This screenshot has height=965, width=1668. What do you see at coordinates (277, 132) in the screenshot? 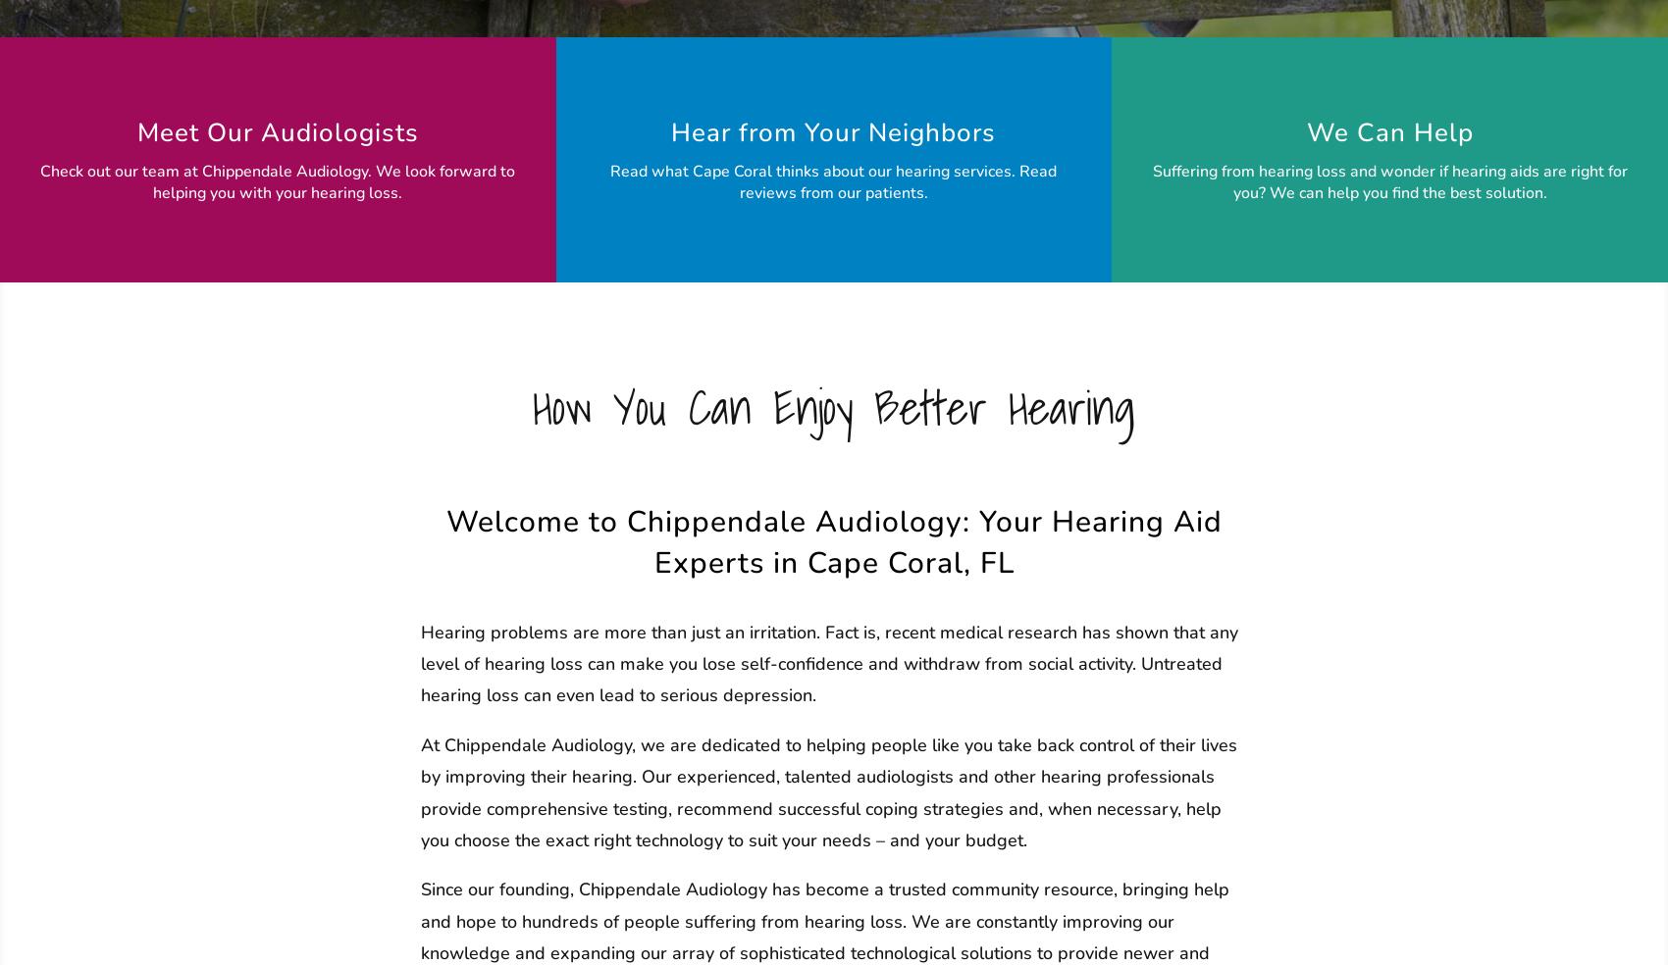
I see `'Meet Our Audiologists'` at bounding box center [277, 132].